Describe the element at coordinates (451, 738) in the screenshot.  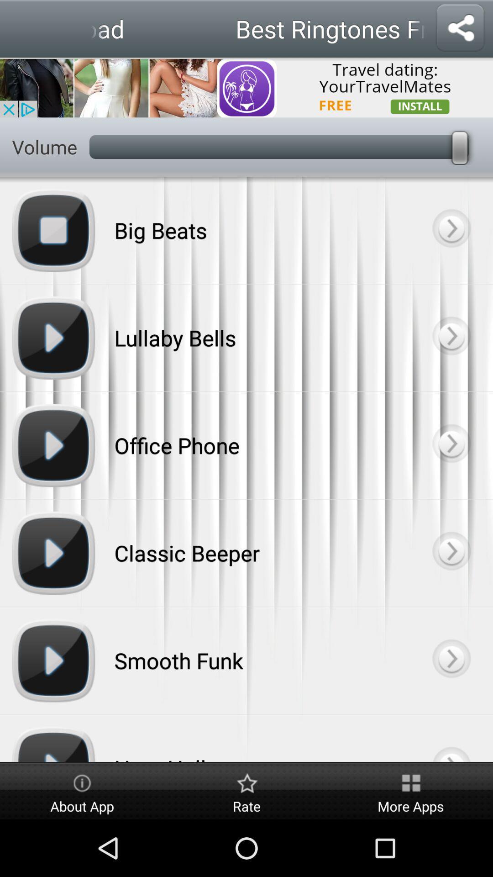
I see `next` at that location.